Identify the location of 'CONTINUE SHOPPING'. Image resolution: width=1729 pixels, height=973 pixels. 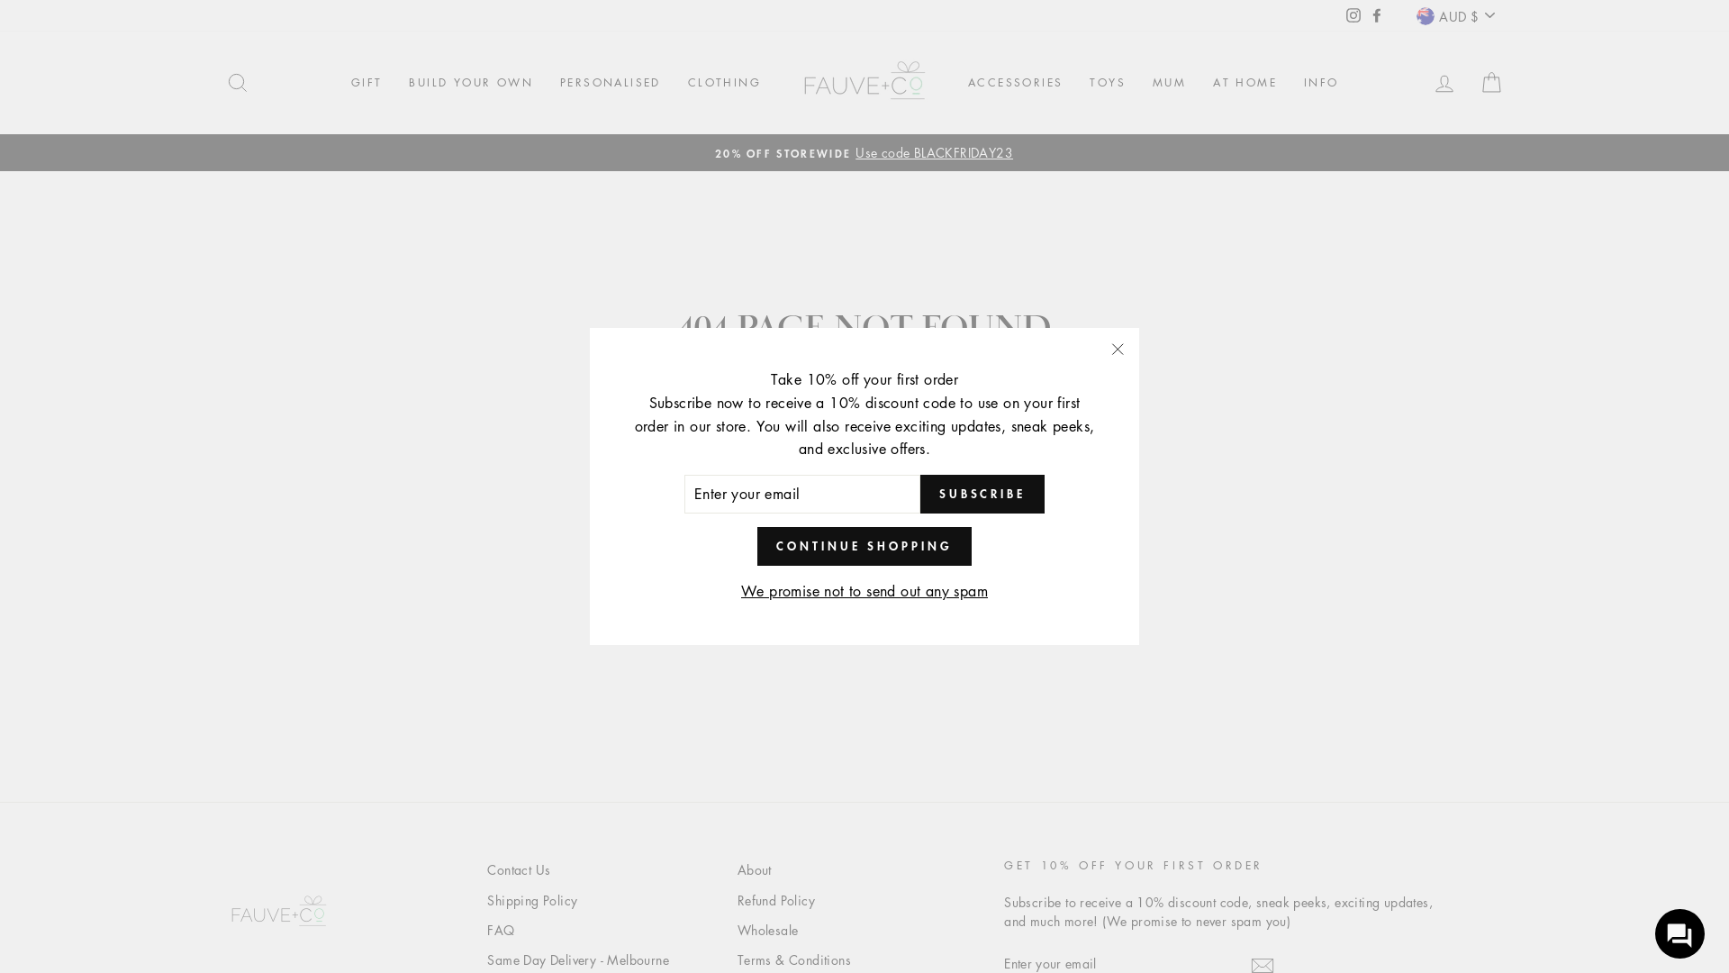
(756, 544).